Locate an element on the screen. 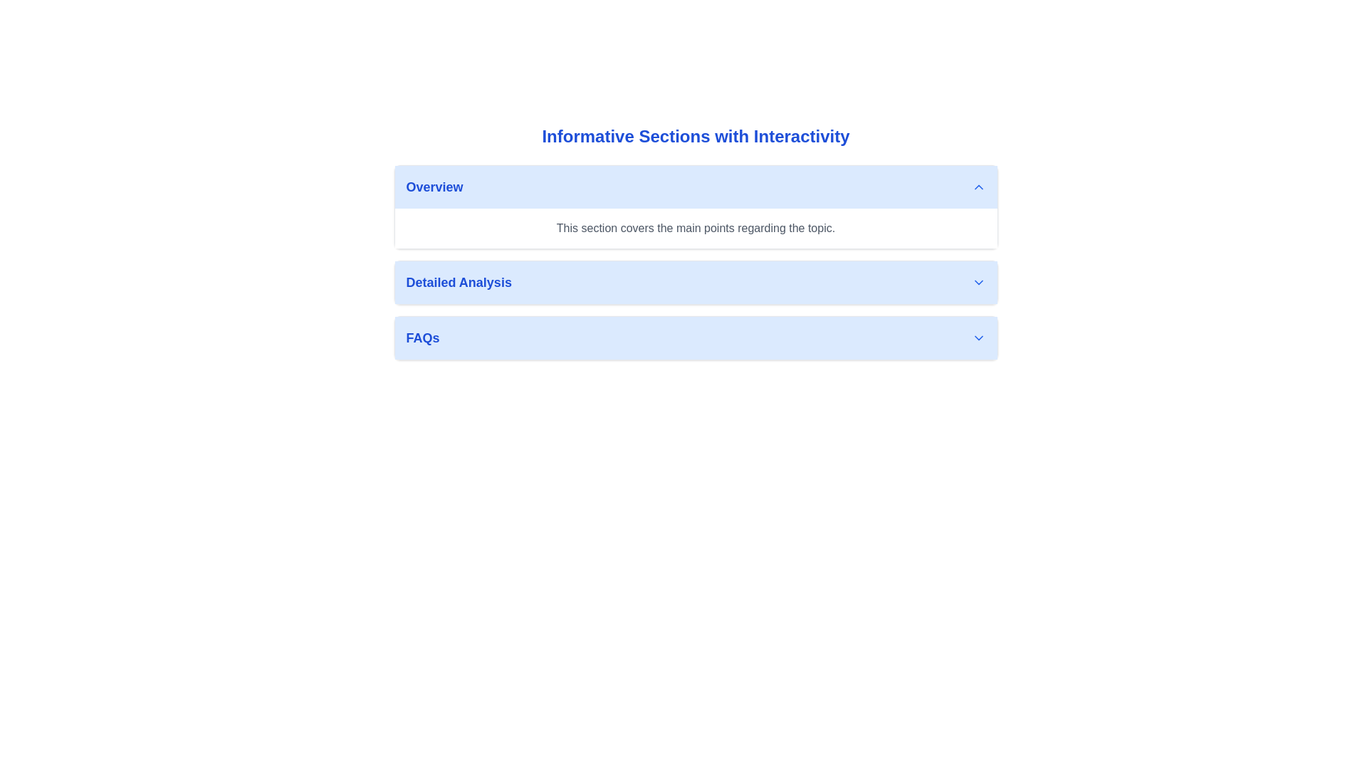 The height and width of the screenshot is (769, 1367). the explanatory Text Label located in the central column under the 'Overview' collapsible section is located at coordinates (696, 227).